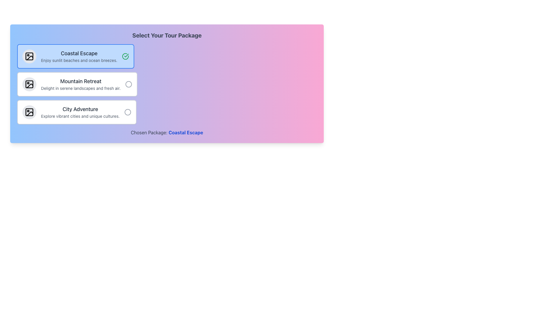  I want to click on the Text Label for the 'Coastal Escape' package to read its content, so click(79, 53).